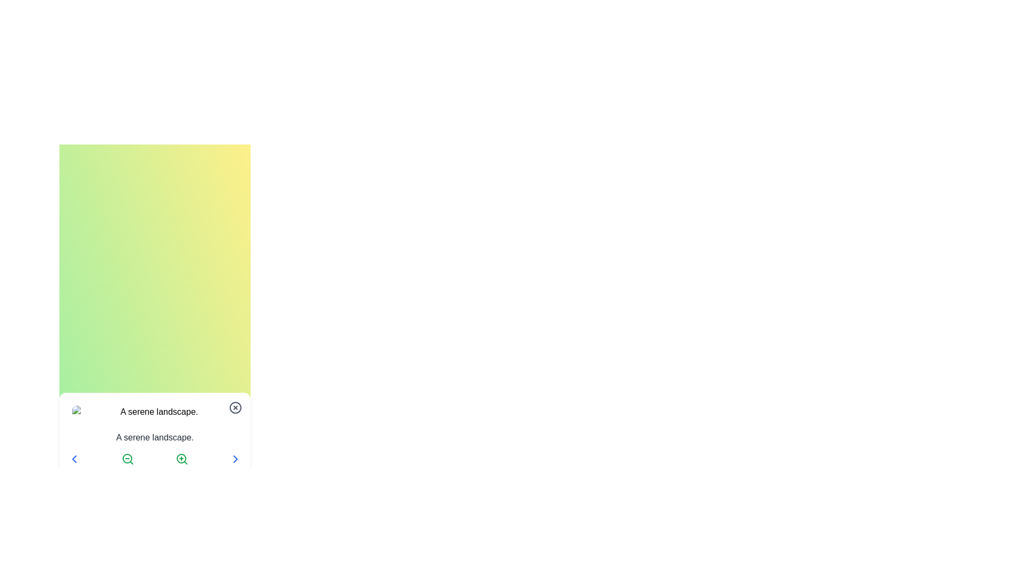 This screenshot has height=578, width=1028. I want to click on the interactive controls in the toolbar located at the bottom of the card component for visual feedback, so click(154, 458).